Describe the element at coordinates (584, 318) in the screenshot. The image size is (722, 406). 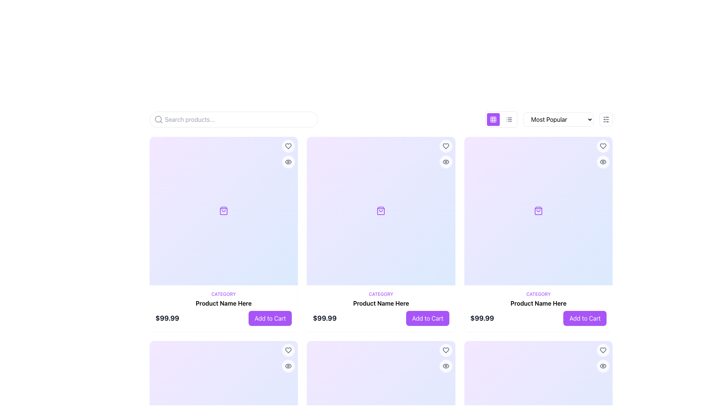
I see `the 'Add to Cart' button, which is a rectangular button with rounded corners, vibrant purple background, and white text` at that location.